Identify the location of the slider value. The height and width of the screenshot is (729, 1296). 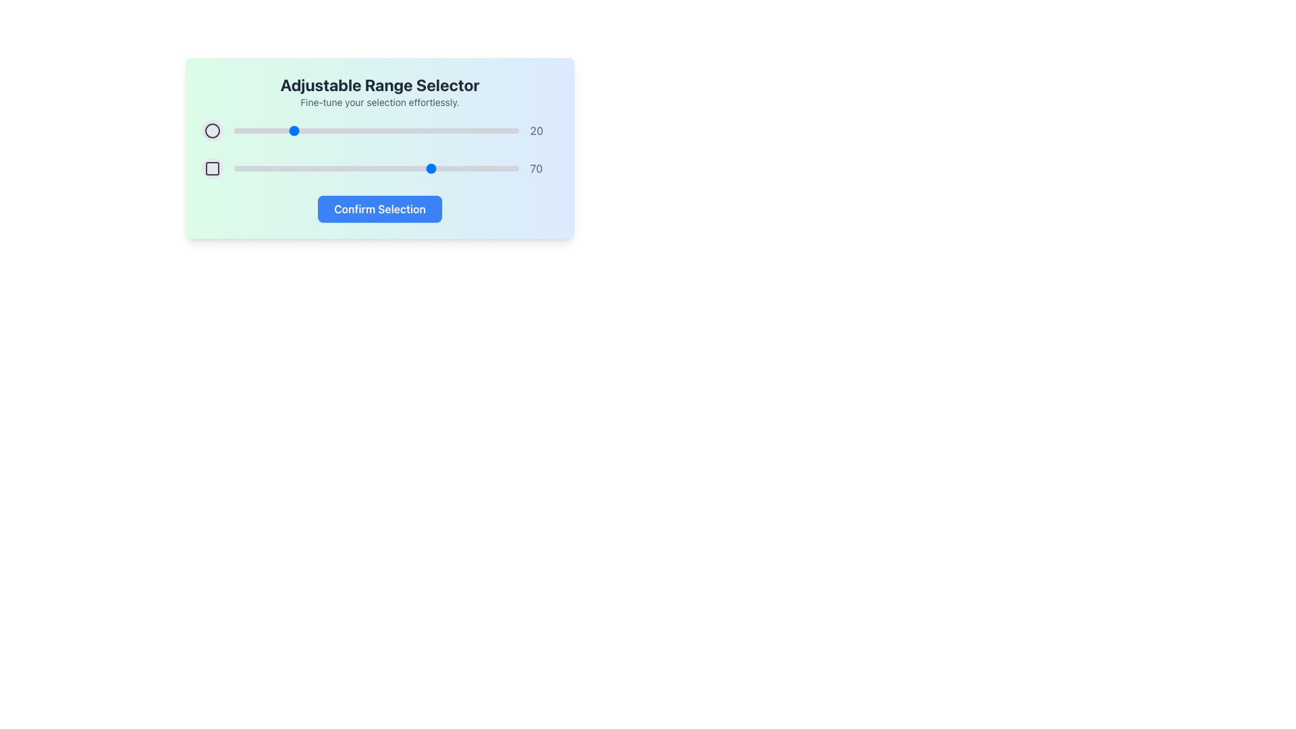
(304, 168).